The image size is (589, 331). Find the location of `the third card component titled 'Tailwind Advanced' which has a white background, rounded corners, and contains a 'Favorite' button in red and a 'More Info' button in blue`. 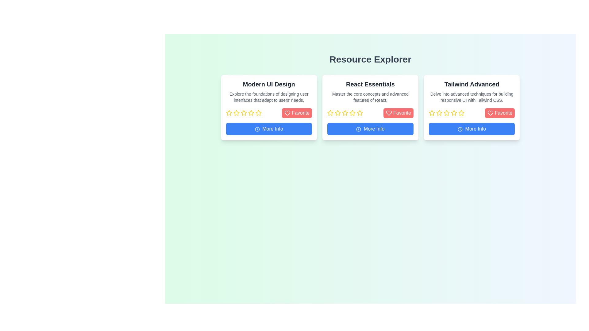

the third card component titled 'Tailwind Advanced' which has a white background, rounded corners, and contains a 'Favorite' button in red and a 'More Info' button in blue is located at coordinates (472, 107).